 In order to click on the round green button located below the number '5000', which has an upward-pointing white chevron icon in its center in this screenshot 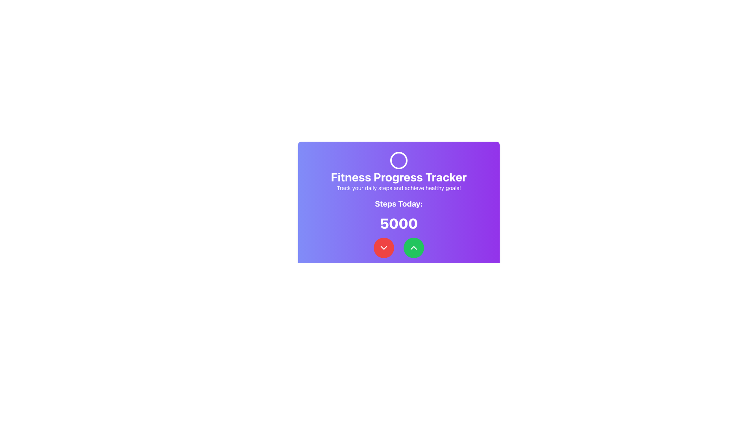, I will do `click(413, 247)`.